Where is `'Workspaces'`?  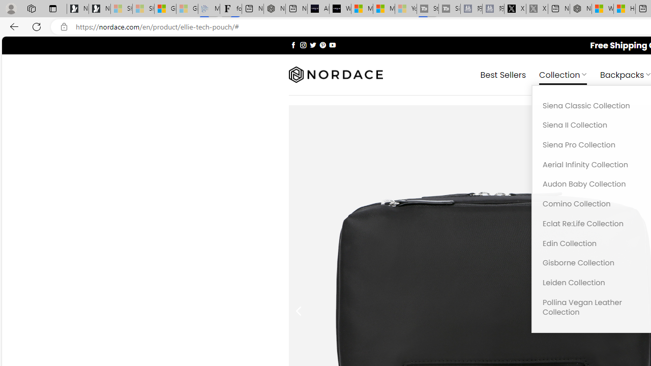 'Workspaces' is located at coordinates (31, 8).